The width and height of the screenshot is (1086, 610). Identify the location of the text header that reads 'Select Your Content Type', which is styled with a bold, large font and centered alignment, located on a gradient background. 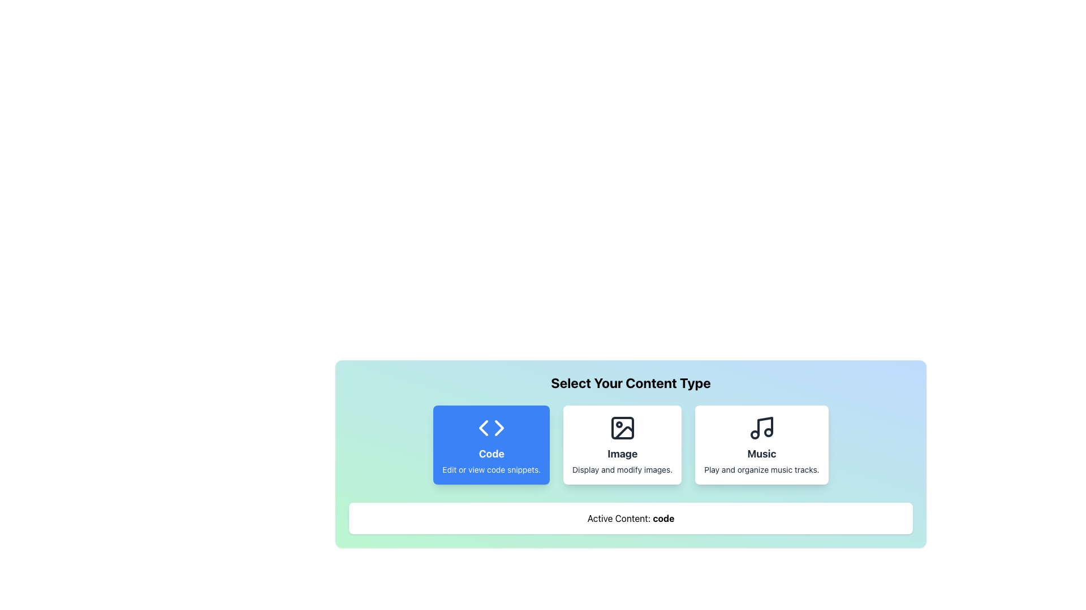
(630, 382).